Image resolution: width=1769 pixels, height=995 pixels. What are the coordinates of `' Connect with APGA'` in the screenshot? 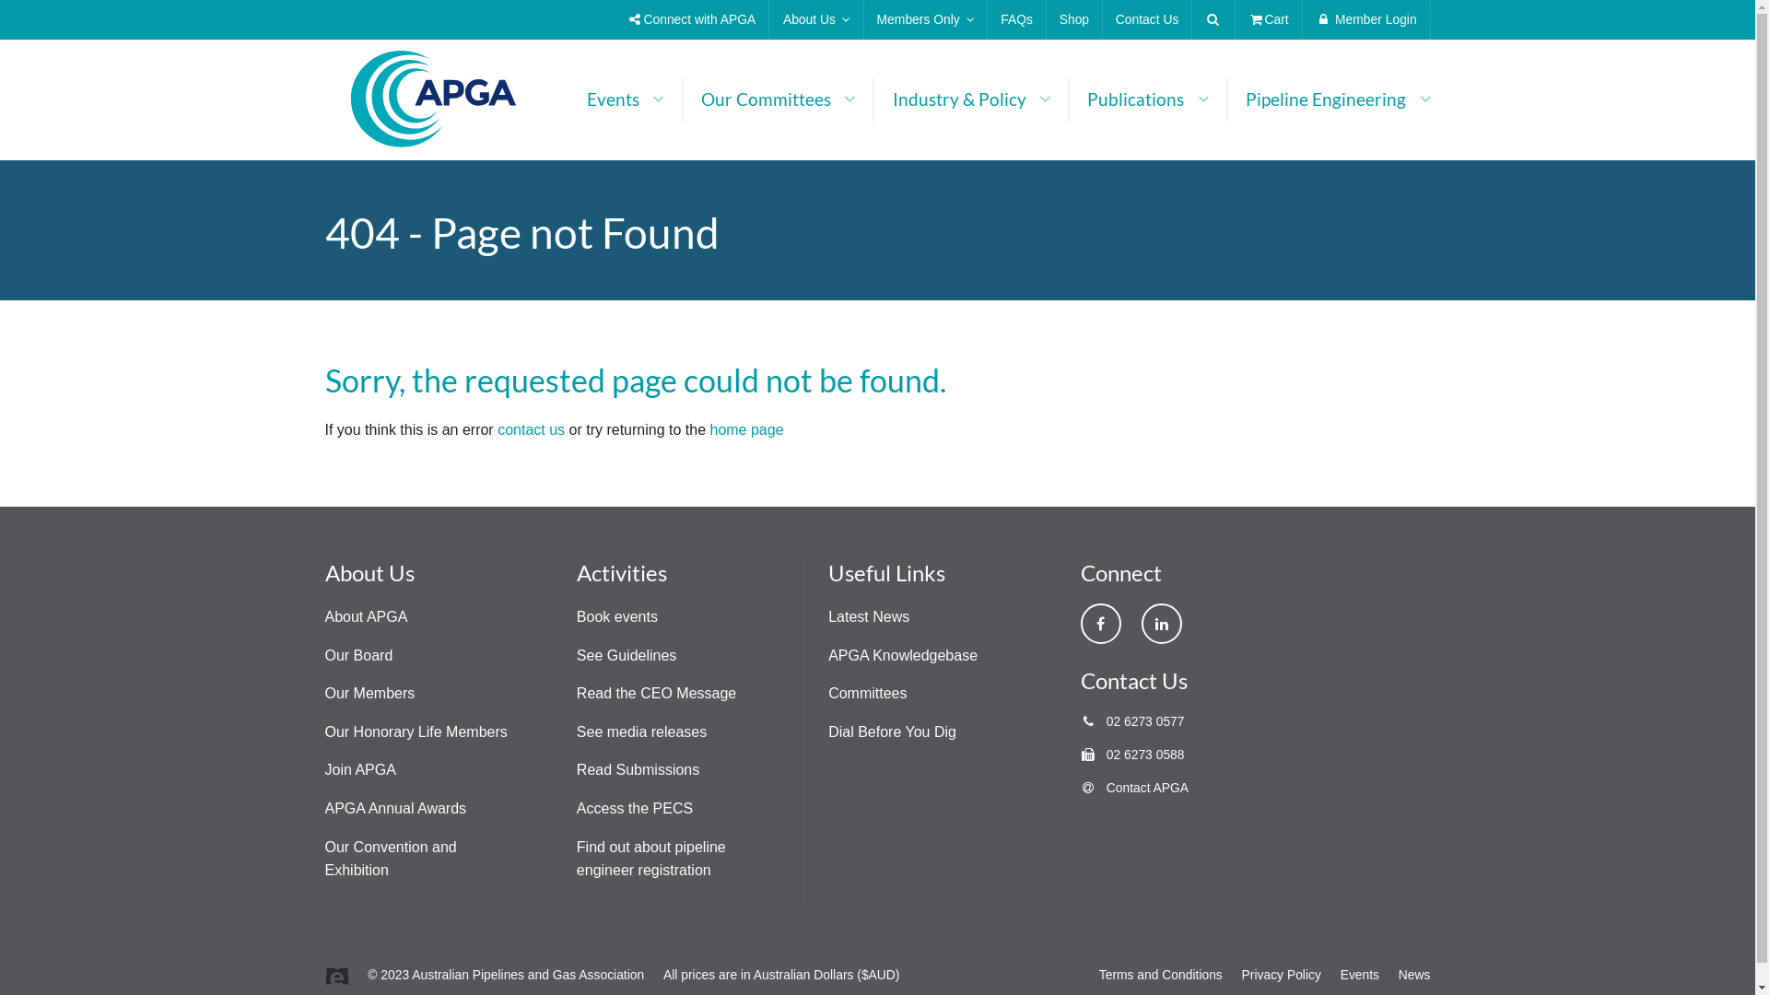 It's located at (691, 19).